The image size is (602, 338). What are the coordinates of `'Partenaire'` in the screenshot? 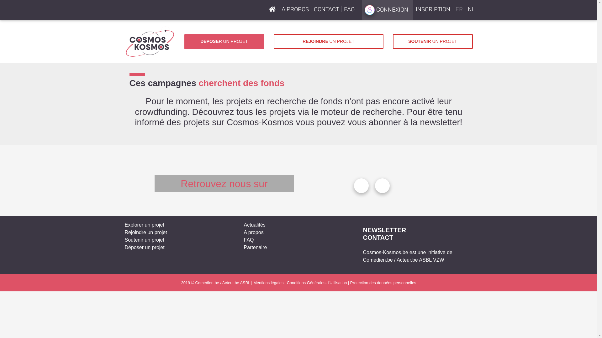 It's located at (256, 247).